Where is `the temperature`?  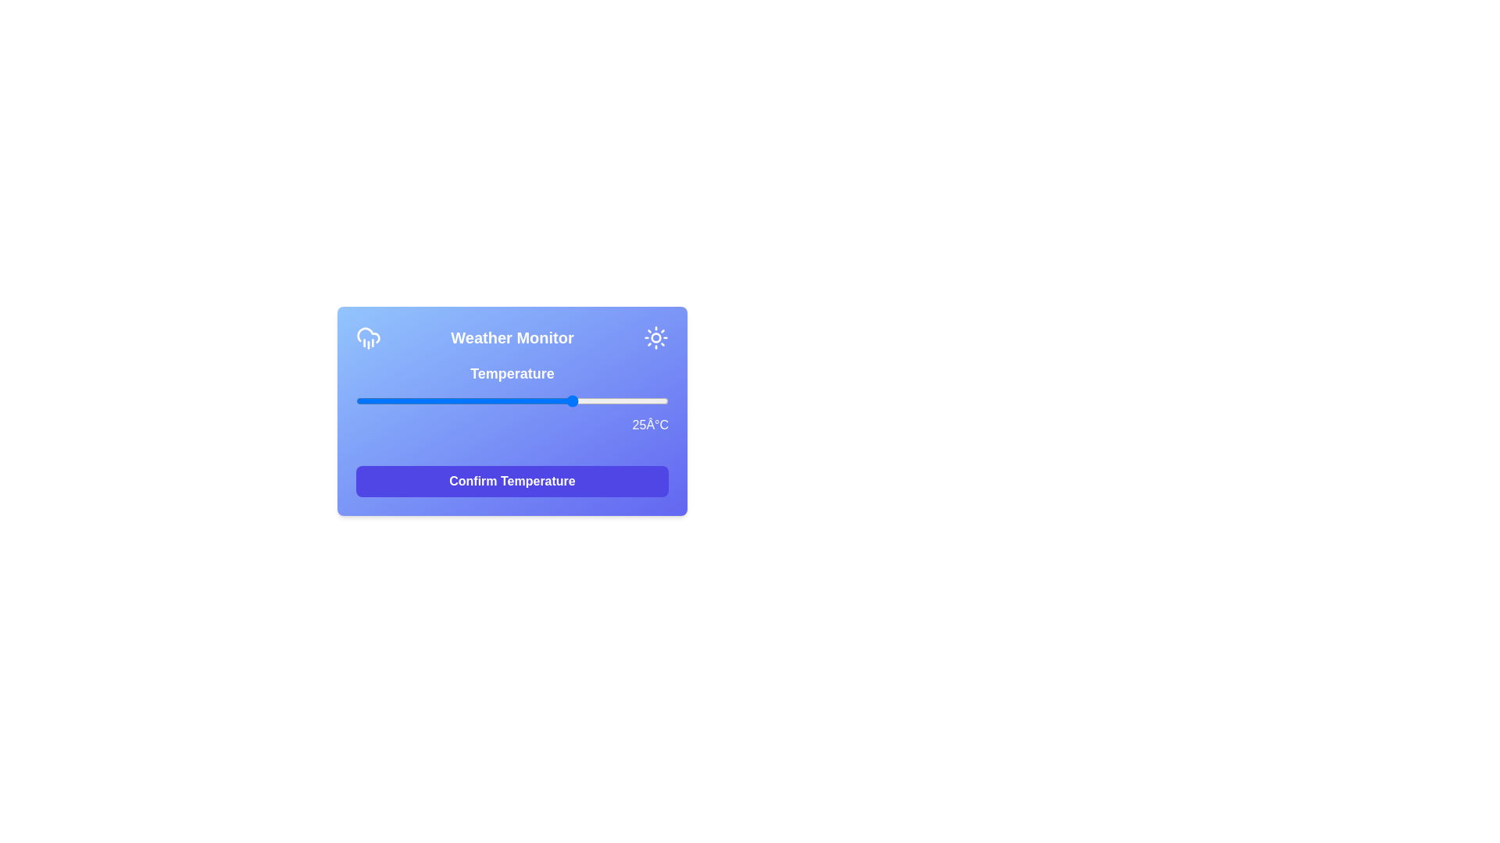 the temperature is located at coordinates (394, 400).